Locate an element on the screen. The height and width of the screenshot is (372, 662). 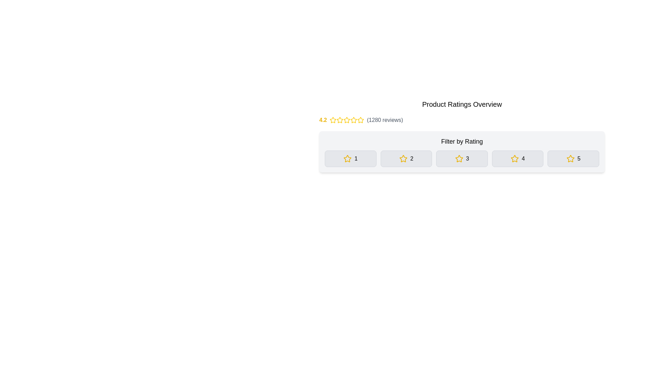
the yellow star icon button with a hollow center, which is the third star in a row of star buttons, to filter on three-star ratings is located at coordinates (459, 158).